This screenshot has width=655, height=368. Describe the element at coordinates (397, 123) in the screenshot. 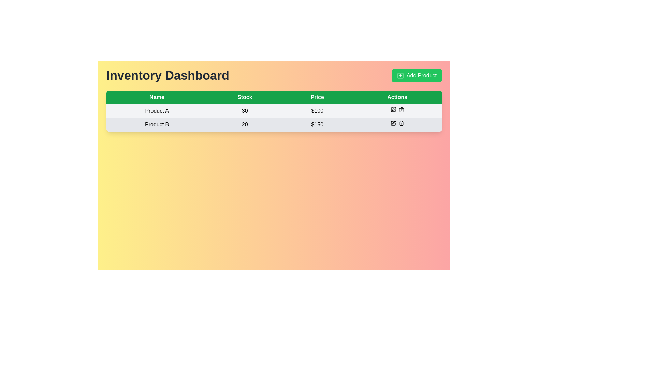

I see `the Action button group located in the 'Actions' column of the second row of the 'Inventory Dashboard' table for 'Product B'` at that location.